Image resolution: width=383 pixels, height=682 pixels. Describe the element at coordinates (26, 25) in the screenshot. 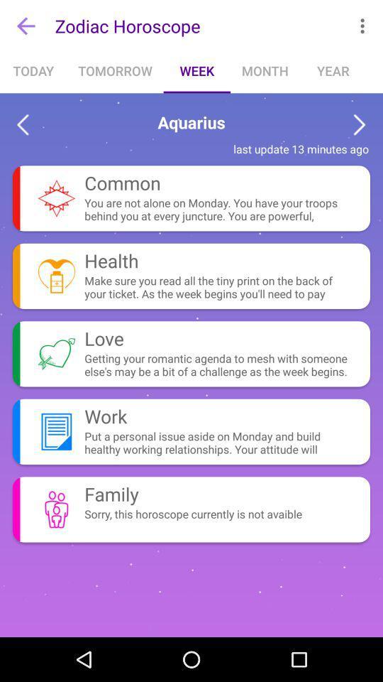

I see `the icon next to zodiac horoscope icon` at that location.